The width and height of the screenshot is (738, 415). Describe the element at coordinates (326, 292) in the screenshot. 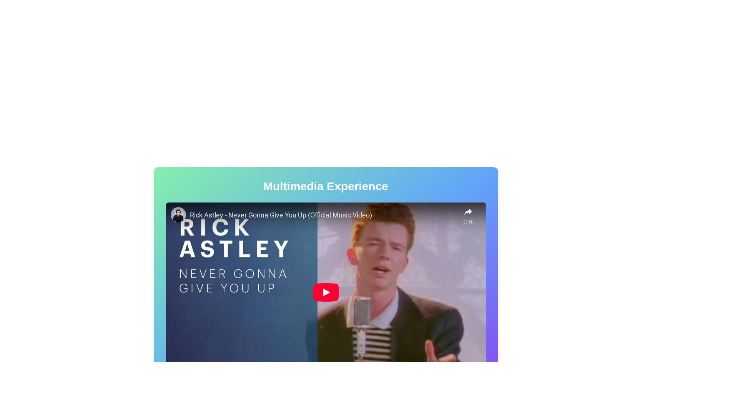

I see `the play button on the embedded YouTube video player located centrally below the header 'Multimedia Experience'` at that location.